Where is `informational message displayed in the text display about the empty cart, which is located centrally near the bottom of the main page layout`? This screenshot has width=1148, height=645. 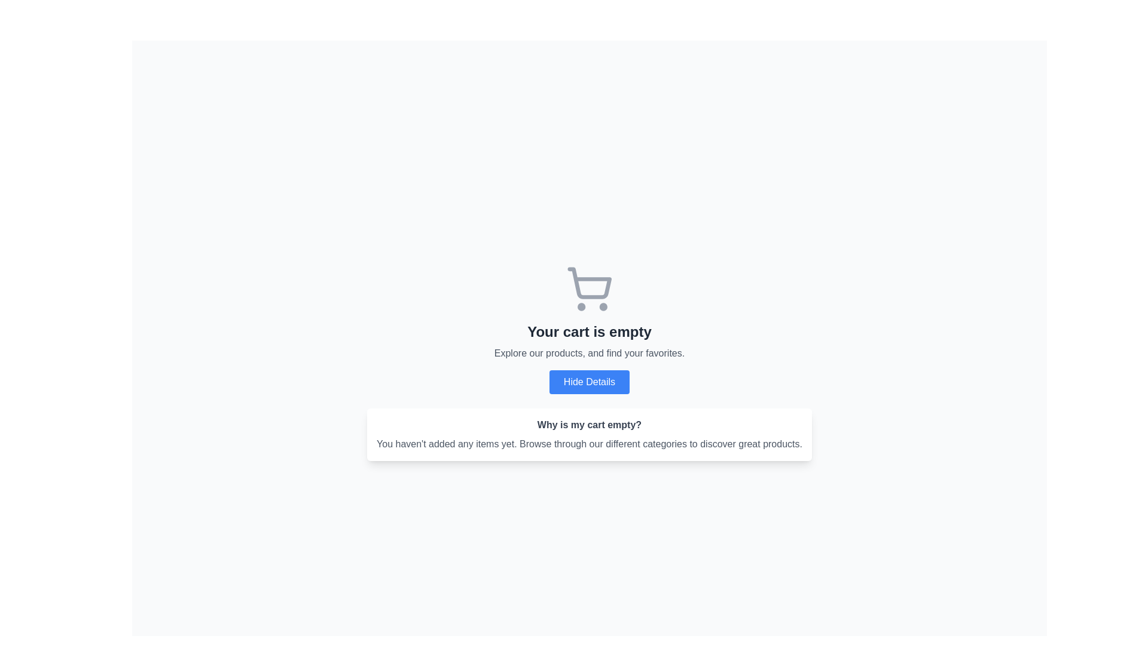 informational message displayed in the text display about the empty cart, which is located centrally near the bottom of the main page layout is located at coordinates (589, 444).